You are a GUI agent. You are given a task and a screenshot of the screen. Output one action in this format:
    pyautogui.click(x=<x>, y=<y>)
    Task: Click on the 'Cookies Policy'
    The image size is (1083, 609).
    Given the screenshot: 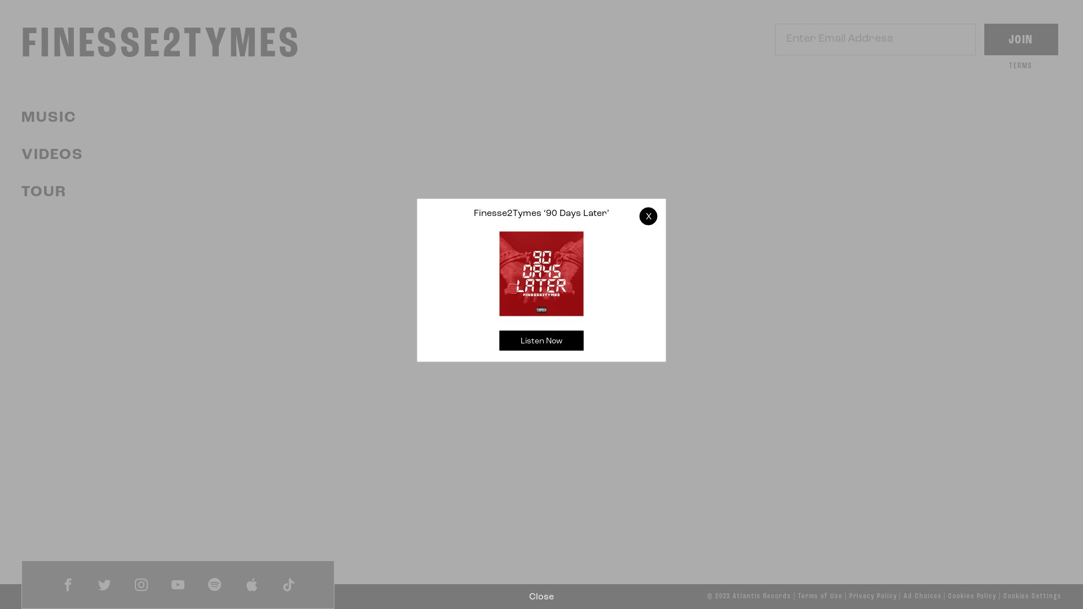 What is the action you would take?
    pyautogui.click(x=948, y=595)
    